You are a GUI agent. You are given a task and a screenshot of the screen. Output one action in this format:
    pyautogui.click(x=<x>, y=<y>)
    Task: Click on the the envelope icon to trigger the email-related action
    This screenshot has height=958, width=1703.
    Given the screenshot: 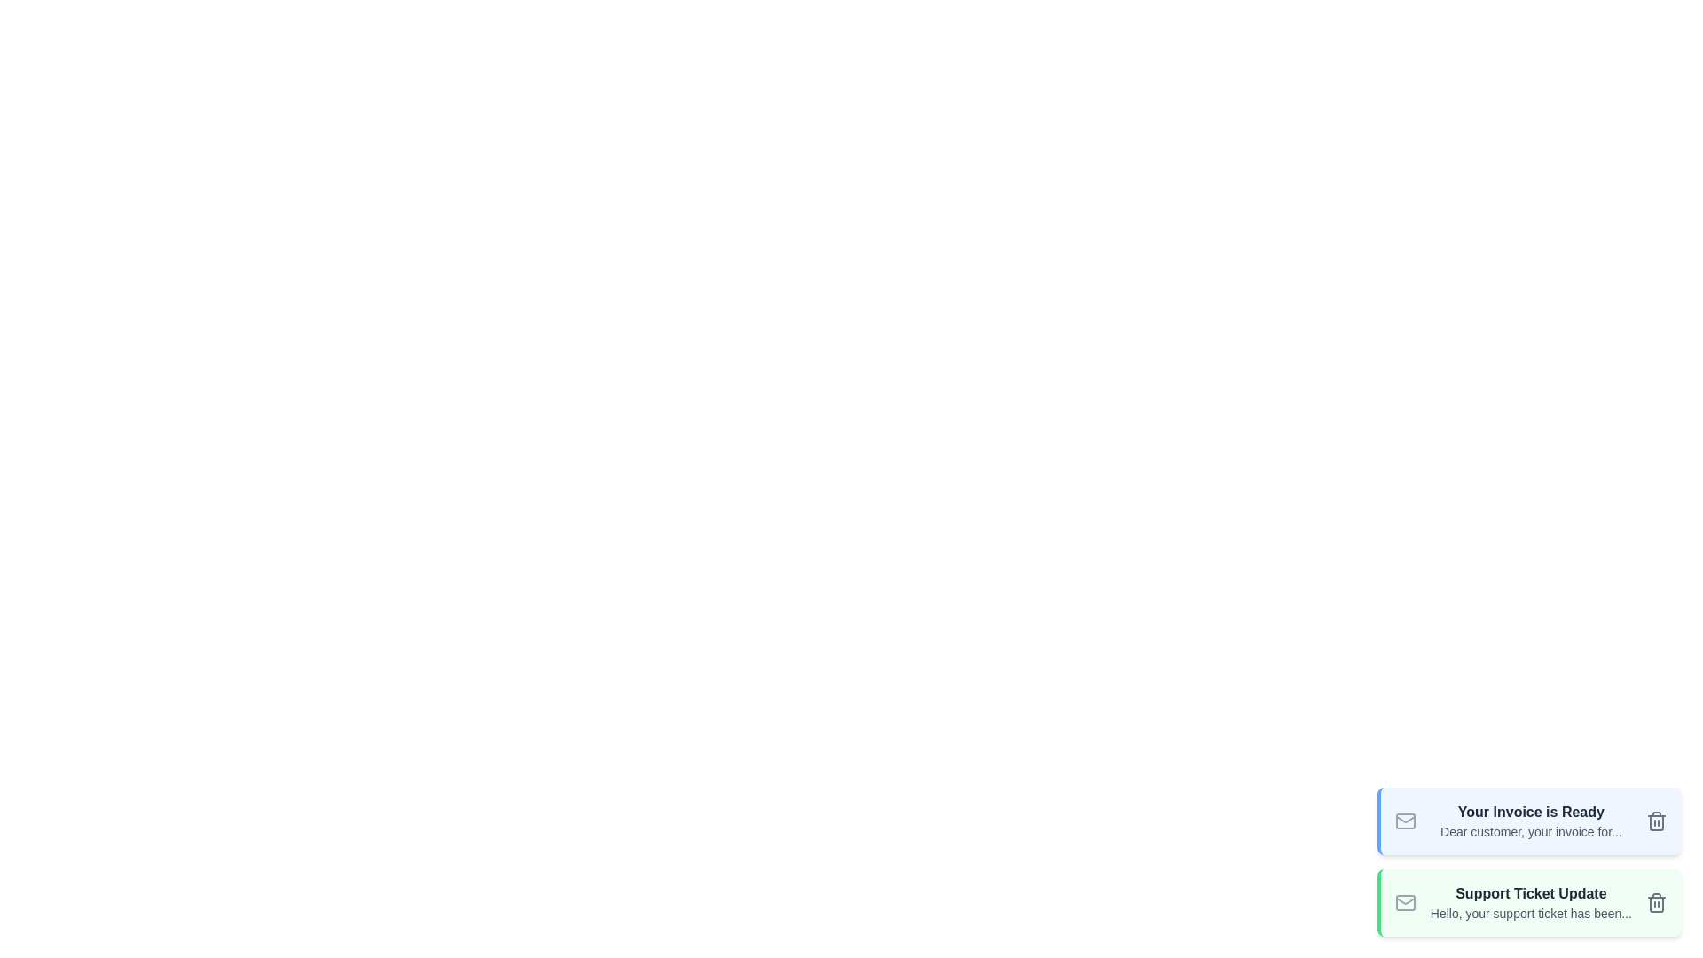 What is the action you would take?
    pyautogui.click(x=1404, y=821)
    